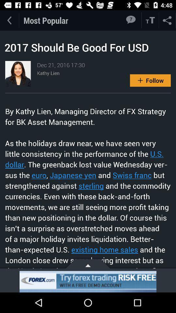  I want to click on follow option, so click(150, 80).